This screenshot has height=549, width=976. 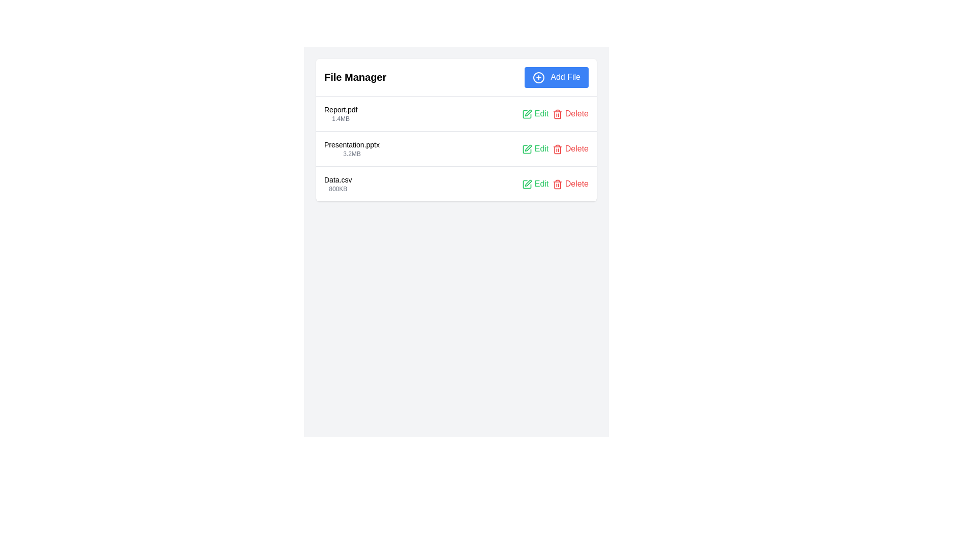 What do you see at coordinates (528, 113) in the screenshot?
I see `the editing icon, which is a green pen or pencil overlaying a square, located to the left of the 'Delete' button and inline with the file name` at bounding box center [528, 113].